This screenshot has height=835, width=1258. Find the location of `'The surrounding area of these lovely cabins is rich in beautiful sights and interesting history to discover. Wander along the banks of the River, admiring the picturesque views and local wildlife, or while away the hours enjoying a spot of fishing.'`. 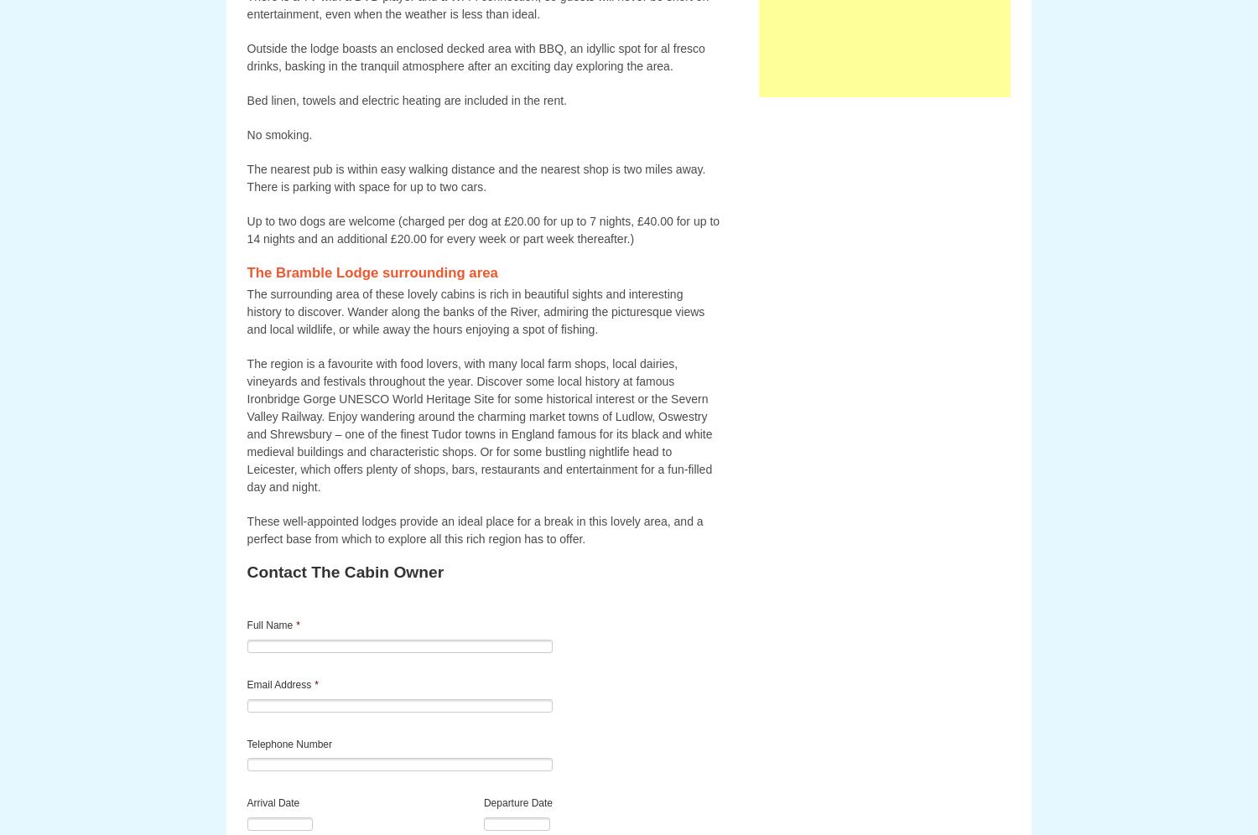

'The surrounding area of these lovely cabins is rich in beautiful sights and interesting history to discover. Wander along the banks of the River, admiring the picturesque views and local wildlife, or while away the hours enjoying a spot of fishing.' is located at coordinates (247, 312).